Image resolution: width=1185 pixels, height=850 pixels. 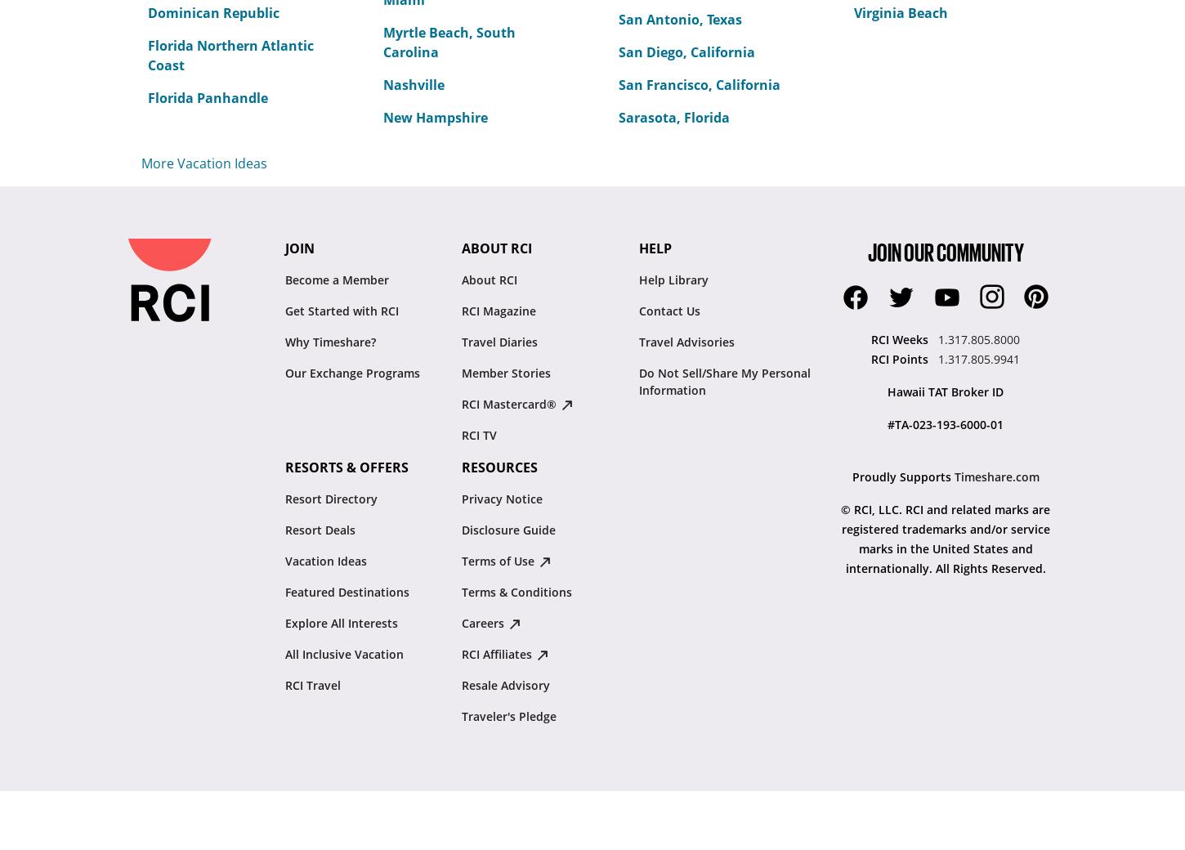 What do you see at coordinates (901, 339) in the screenshot?
I see `'RCI Weeks'` at bounding box center [901, 339].